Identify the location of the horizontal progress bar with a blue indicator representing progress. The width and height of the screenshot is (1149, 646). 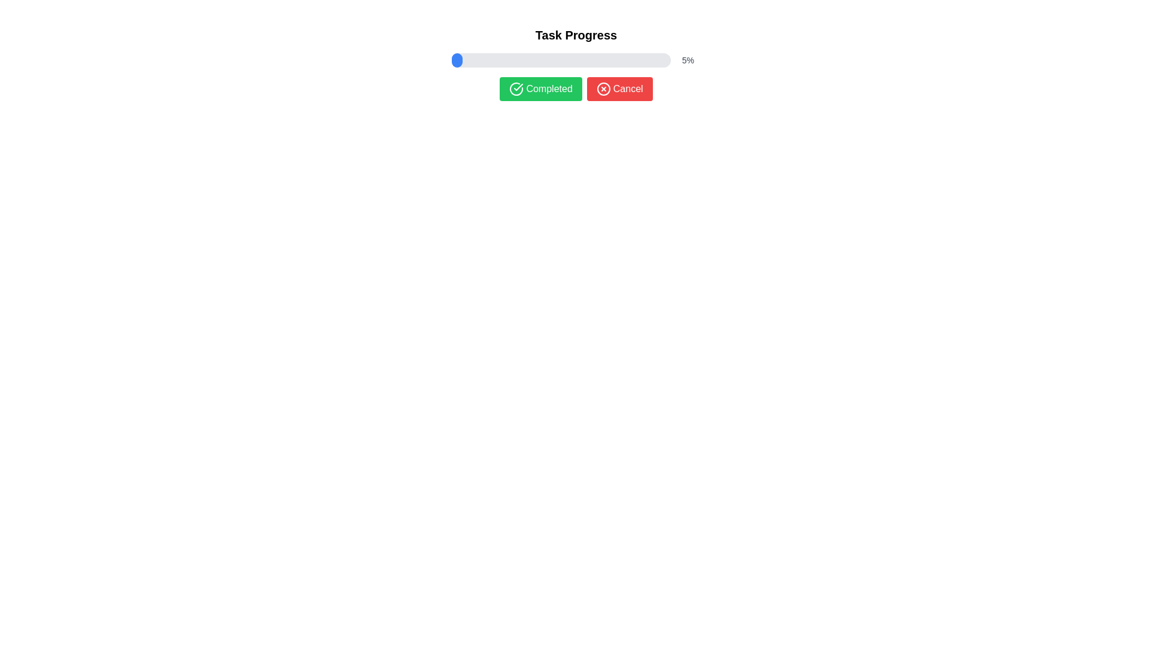
(576, 60).